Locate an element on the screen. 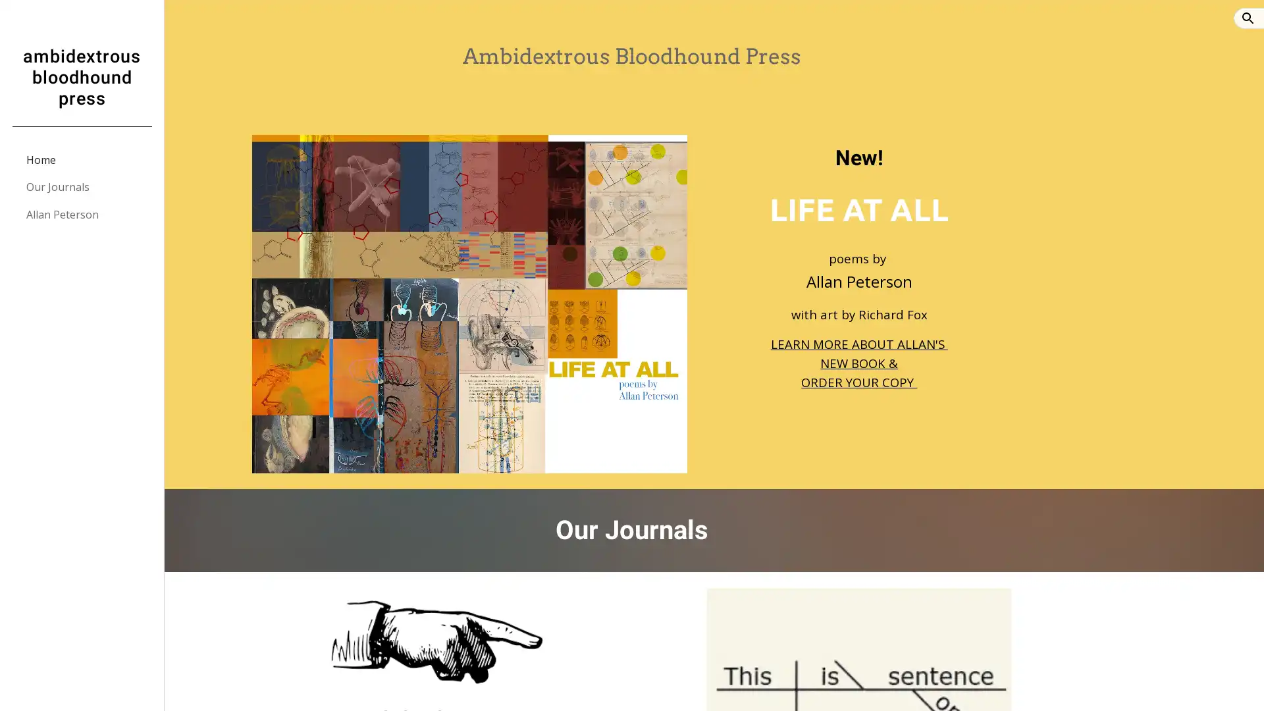  Copy heading link is located at coordinates (805, 530).